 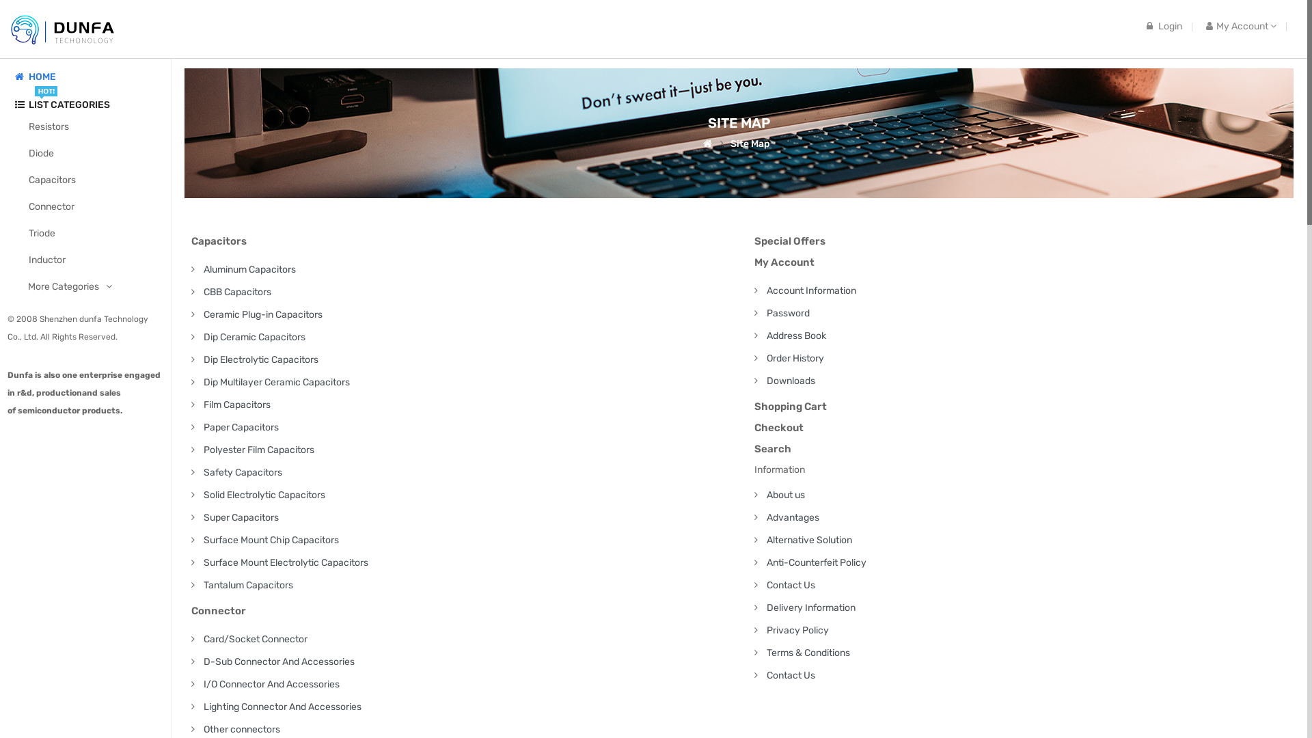 What do you see at coordinates (249, 269) in the screenshot?
I see `'Aluminum Capacitors'` at bounding box center [249, 269].